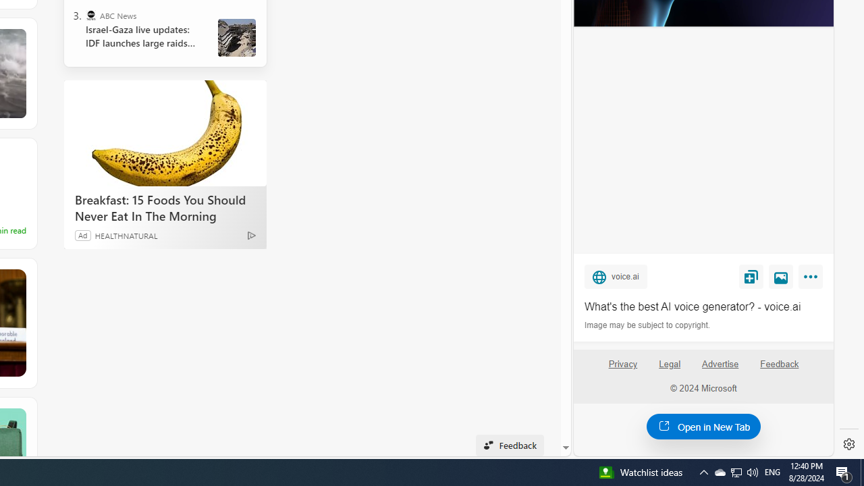  What do you see at coordinates (615, 275) in the screenshot?
I see `'voice.ai'` at bounding box center [615, 275].